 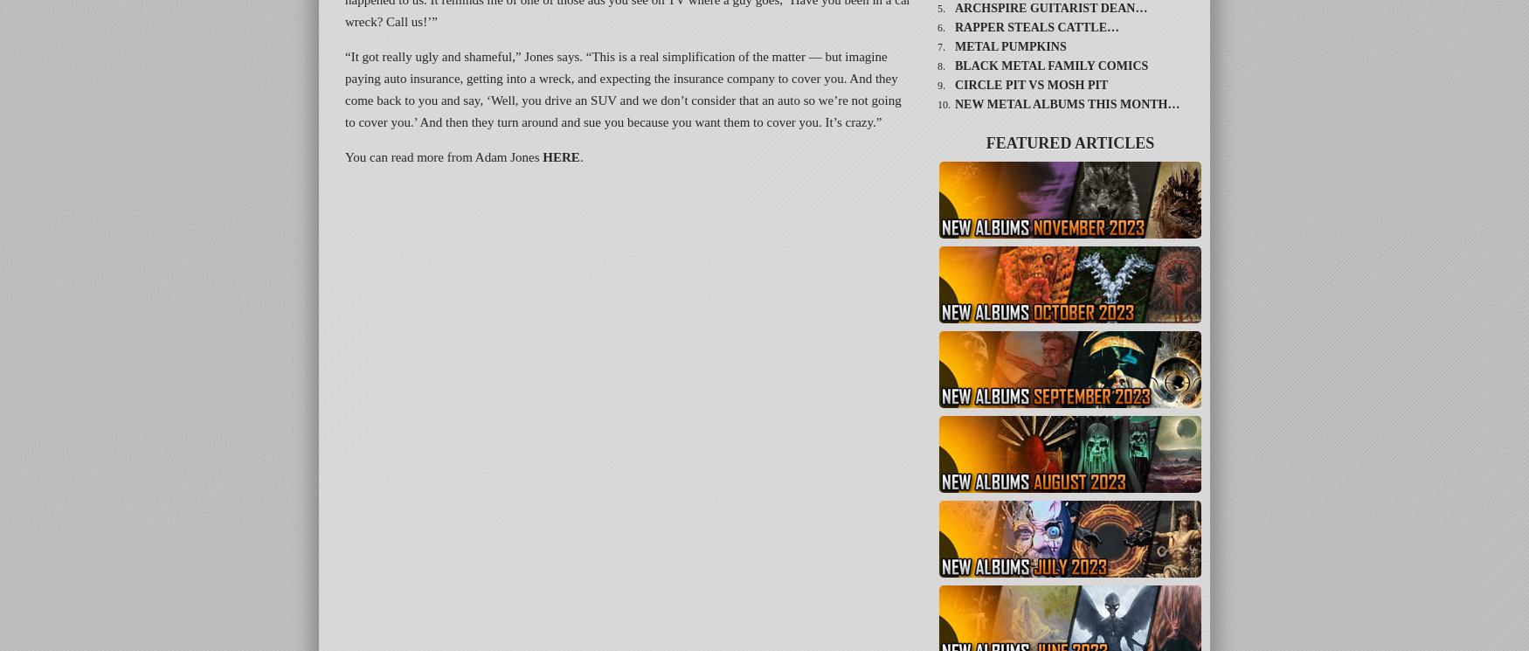 I want to click on 'CIRCLE PIT vs MOSH PIT', so click(x=1030, y=85).